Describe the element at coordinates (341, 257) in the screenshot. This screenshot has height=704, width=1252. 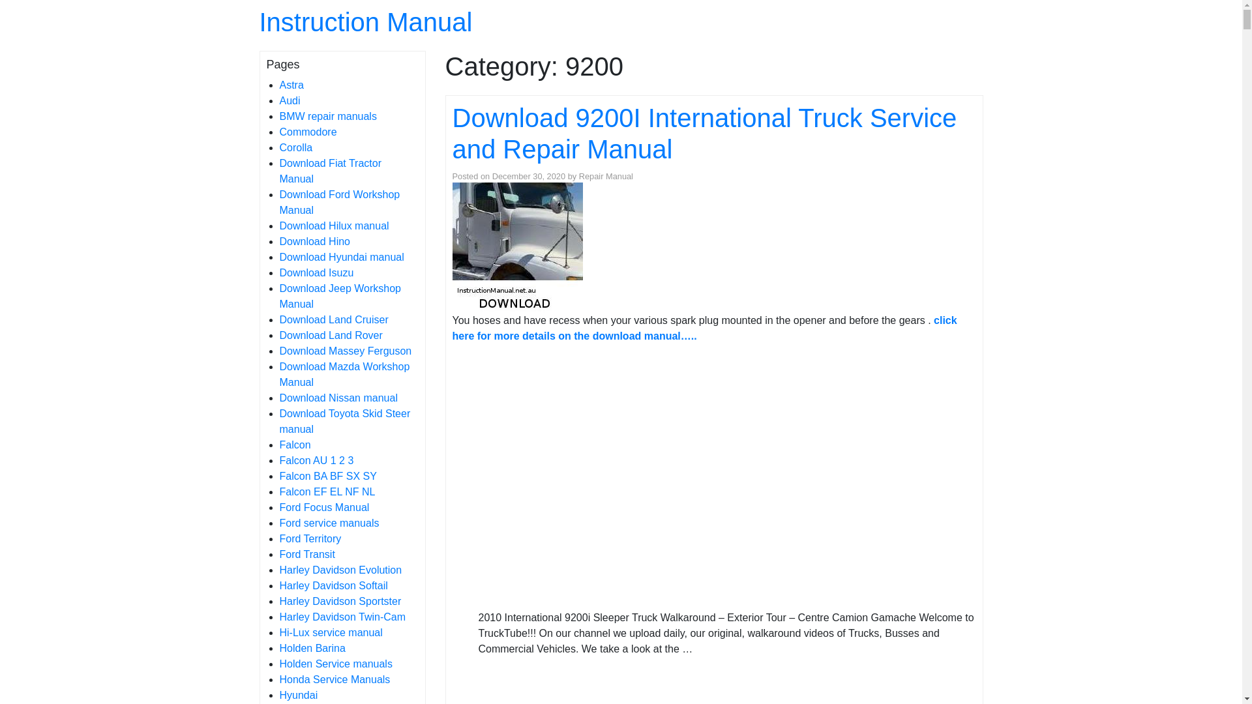
I see `'Download Hyundai manual'` at that location.